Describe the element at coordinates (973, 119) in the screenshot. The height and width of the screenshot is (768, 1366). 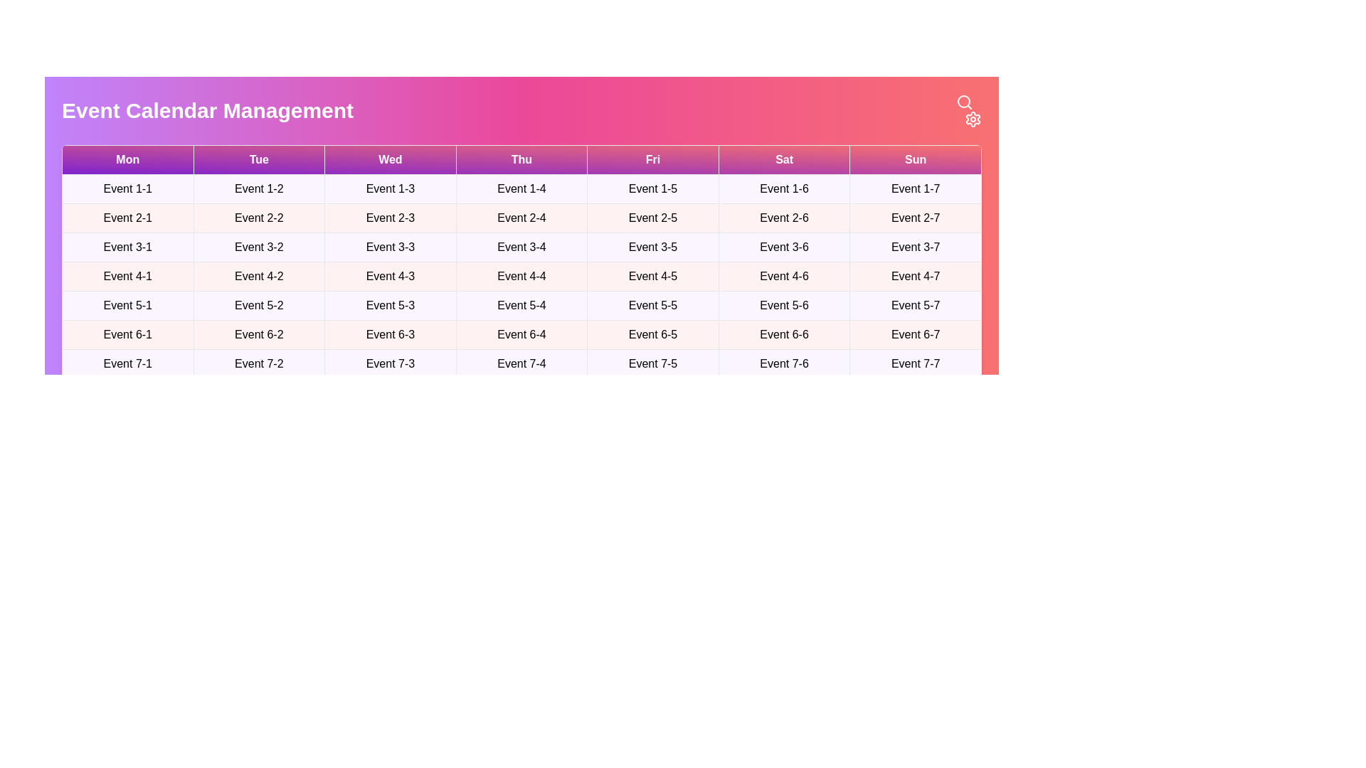
I see `the Settings navigation icon` at that location.